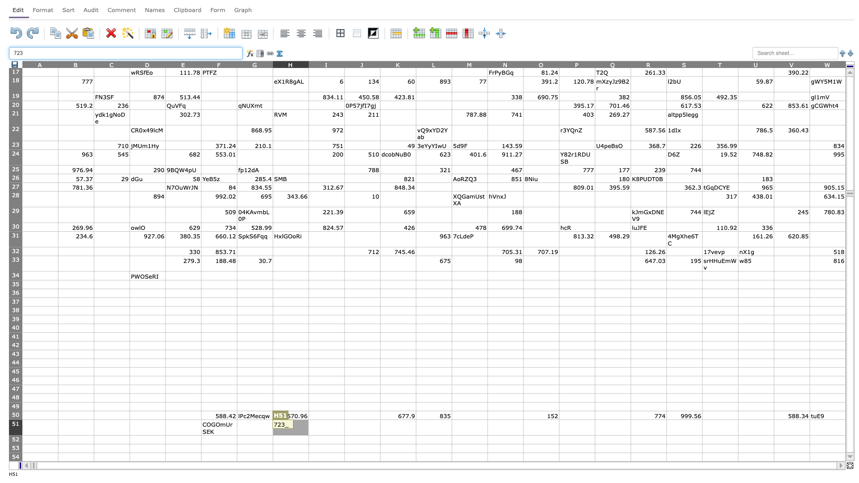 Image resolution: width=859 pixels, height=483 pixels. What do you see at coordinates (380, 419) in the screenshot?
I see `Upper left corner of cell K51` at bounding box center [380, 419].